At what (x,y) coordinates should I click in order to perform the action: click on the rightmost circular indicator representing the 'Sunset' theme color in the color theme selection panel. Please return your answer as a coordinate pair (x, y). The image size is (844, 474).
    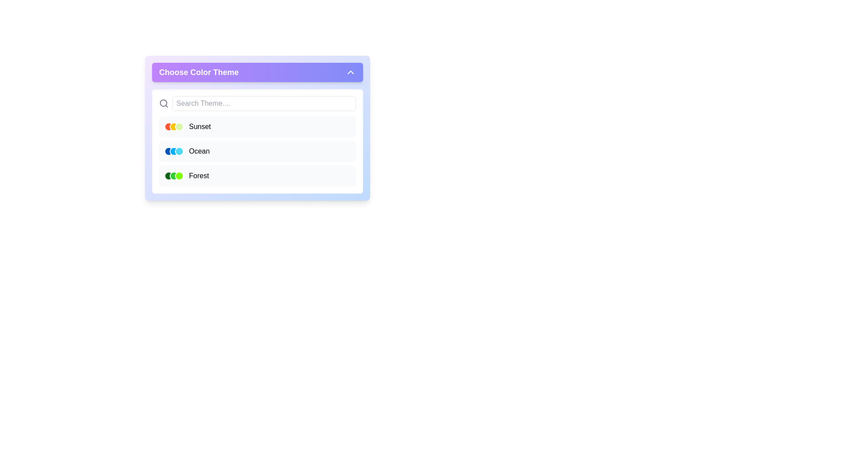
    Looking at the image, I should click on (179, 127).